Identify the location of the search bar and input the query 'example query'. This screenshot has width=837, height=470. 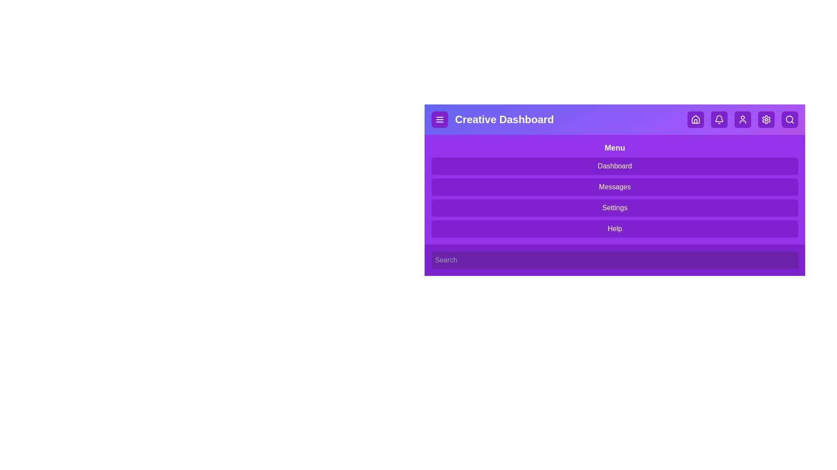
(614, 259).